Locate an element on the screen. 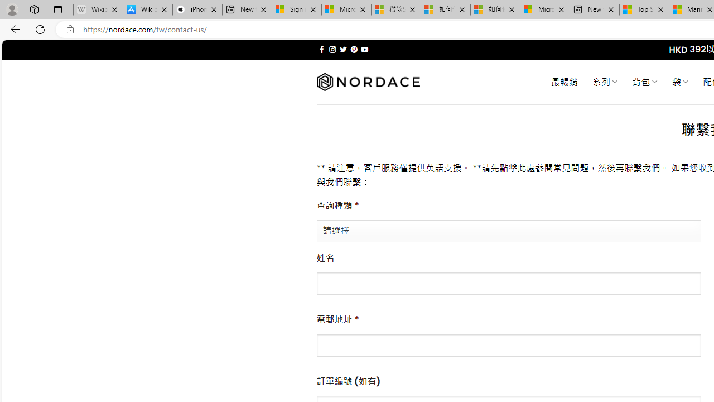 The width and height of the screenshot is (714, 402). 'Follow on Pinterest' is located at coordinates (353, 49).